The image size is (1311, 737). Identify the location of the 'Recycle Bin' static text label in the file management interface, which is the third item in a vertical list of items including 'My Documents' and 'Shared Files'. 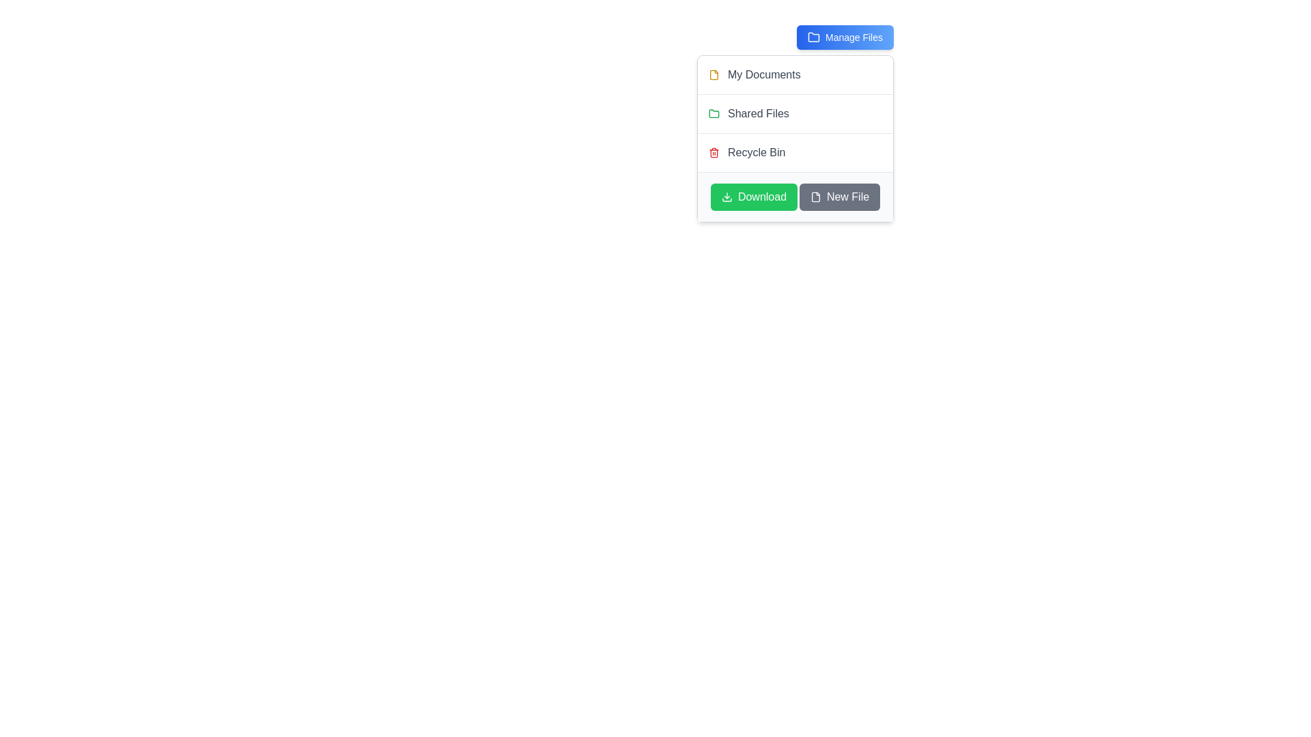
(756, 152).